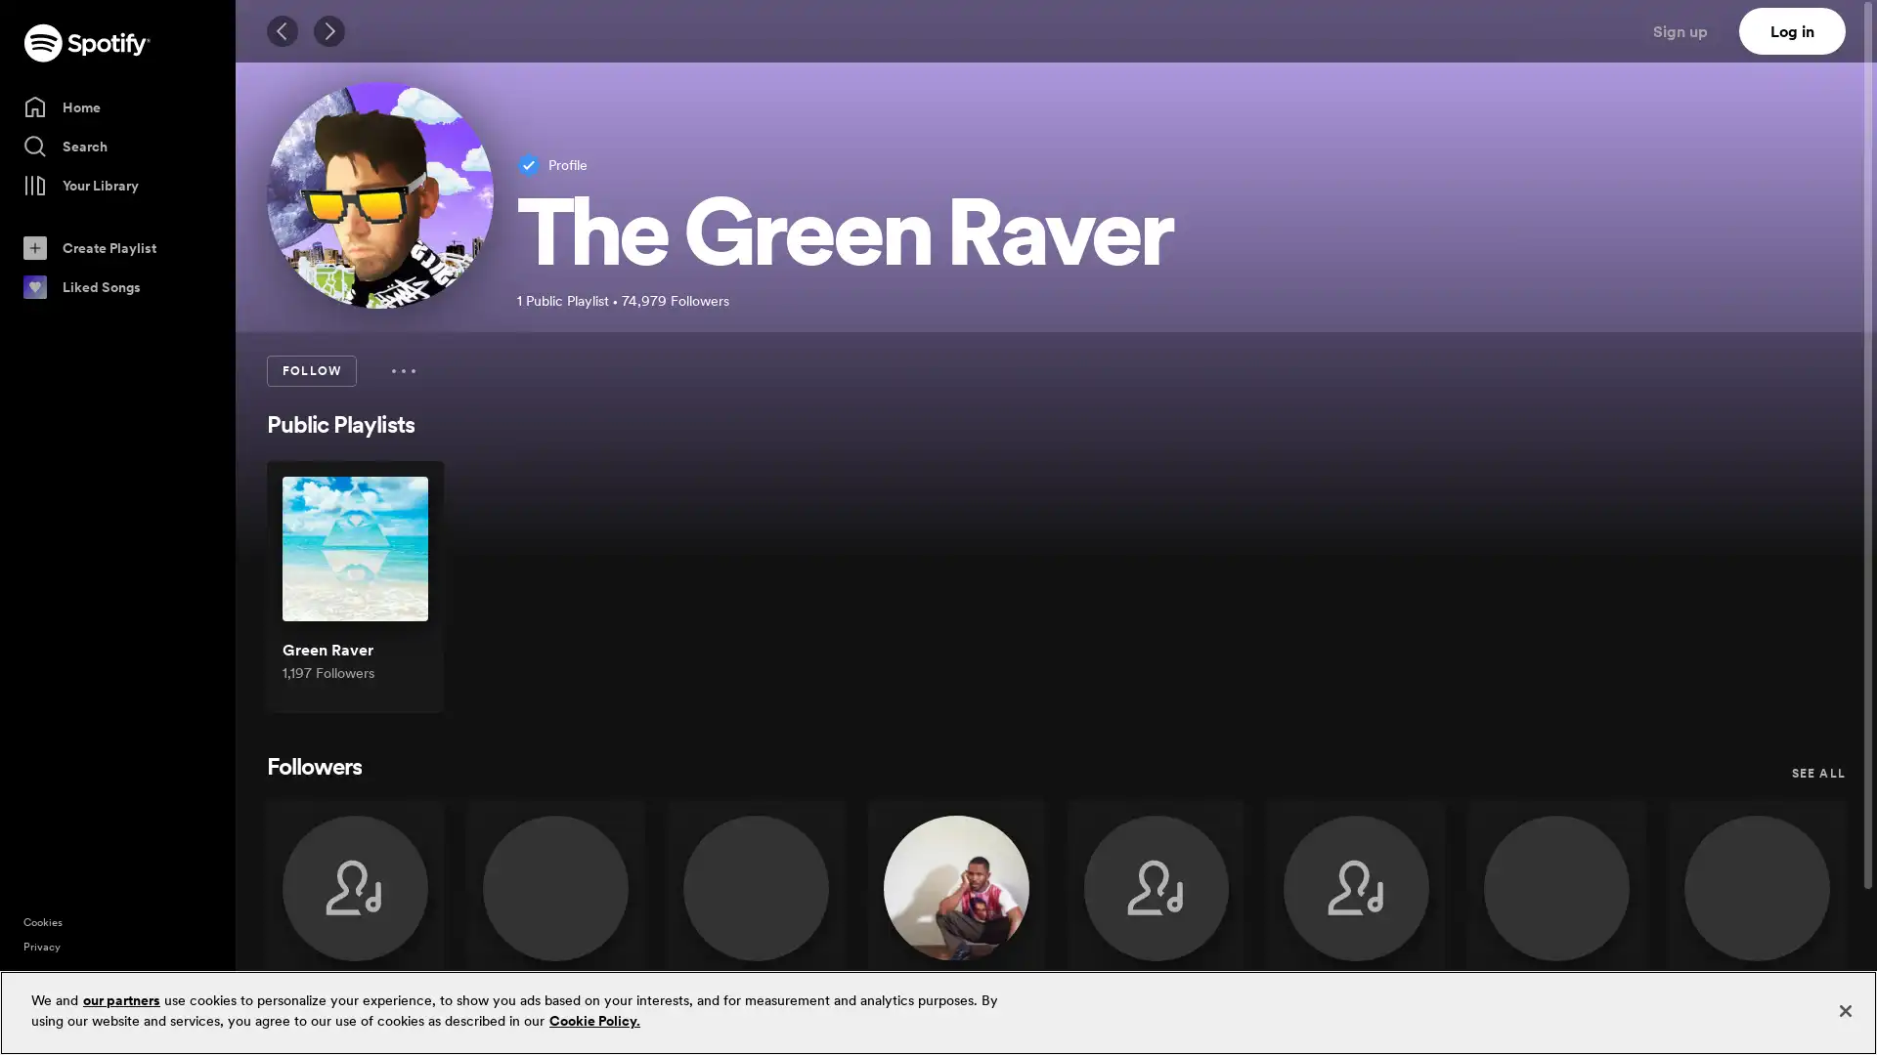  What do you see at coordinates (1792, 30) in the screenshot?
I see `Log in` at bounding box center [1792, 30].